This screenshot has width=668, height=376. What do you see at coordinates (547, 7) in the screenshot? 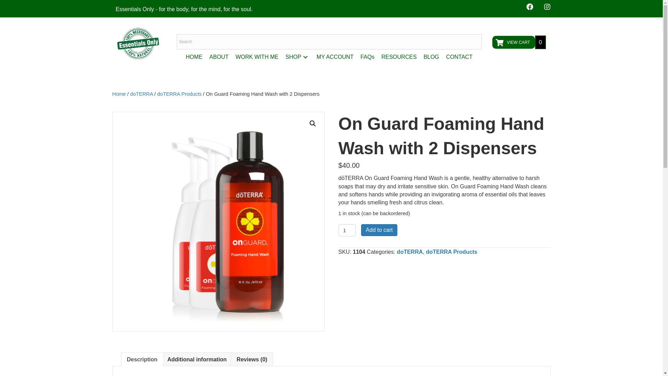
I see `'Instagram'` at bounding box center [547, 7].